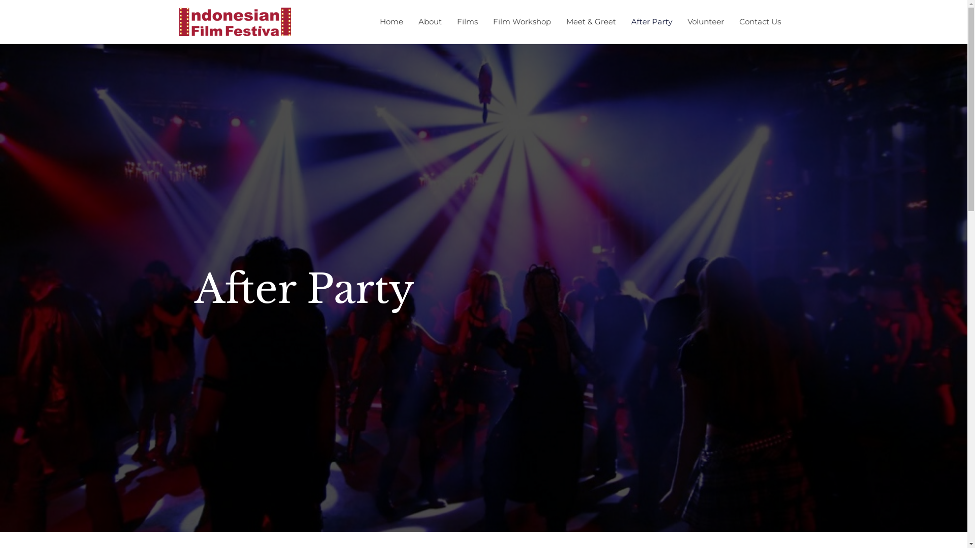 This screenshot has height=548, width=975. Describe the element at coordinates (591, 21) in the screenshot. I see `'Meet & Greet'` at that location.